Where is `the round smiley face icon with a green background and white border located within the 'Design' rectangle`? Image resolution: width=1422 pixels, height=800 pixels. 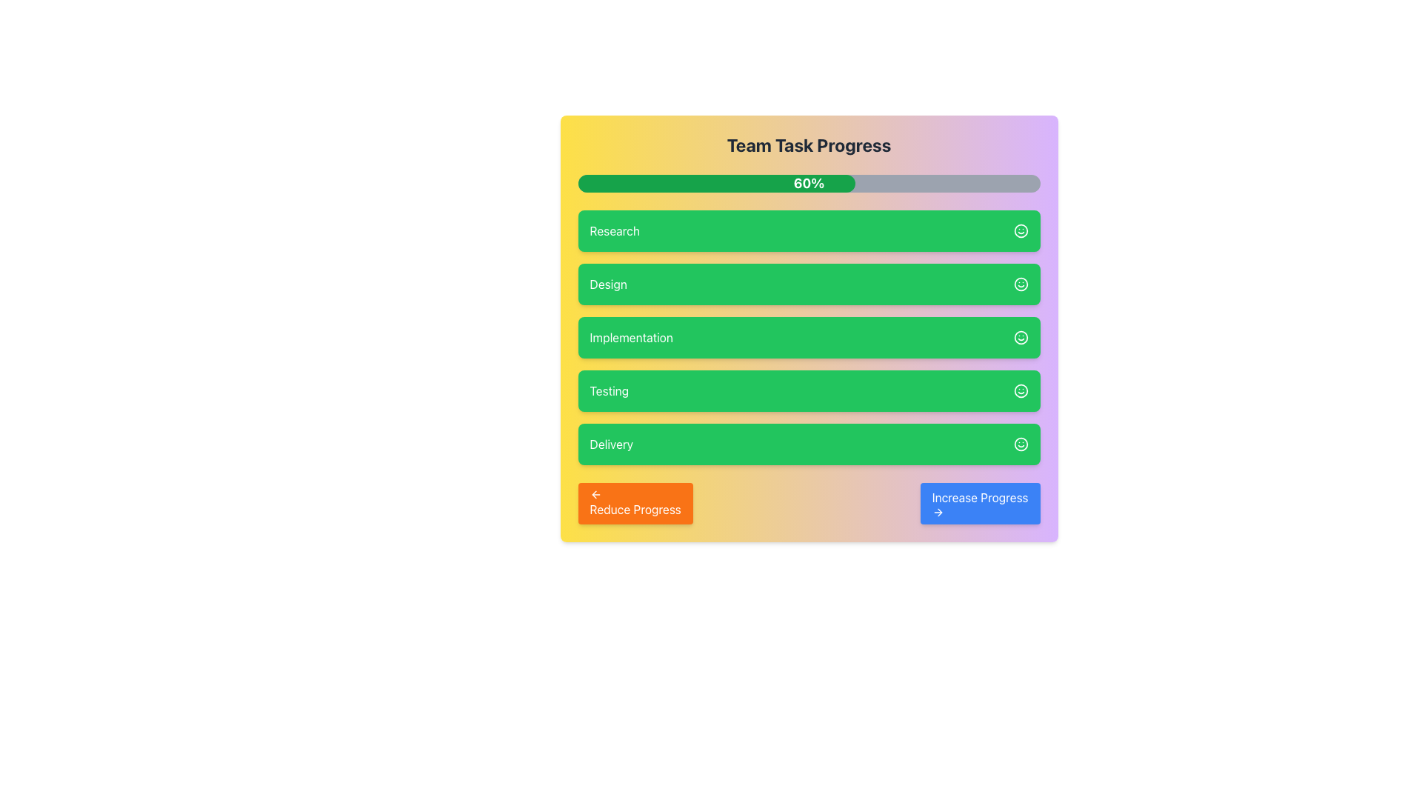
the round smiley face icon with a green background and white border located within the 'Design' rectangle is located at coordinates (1020, 284).